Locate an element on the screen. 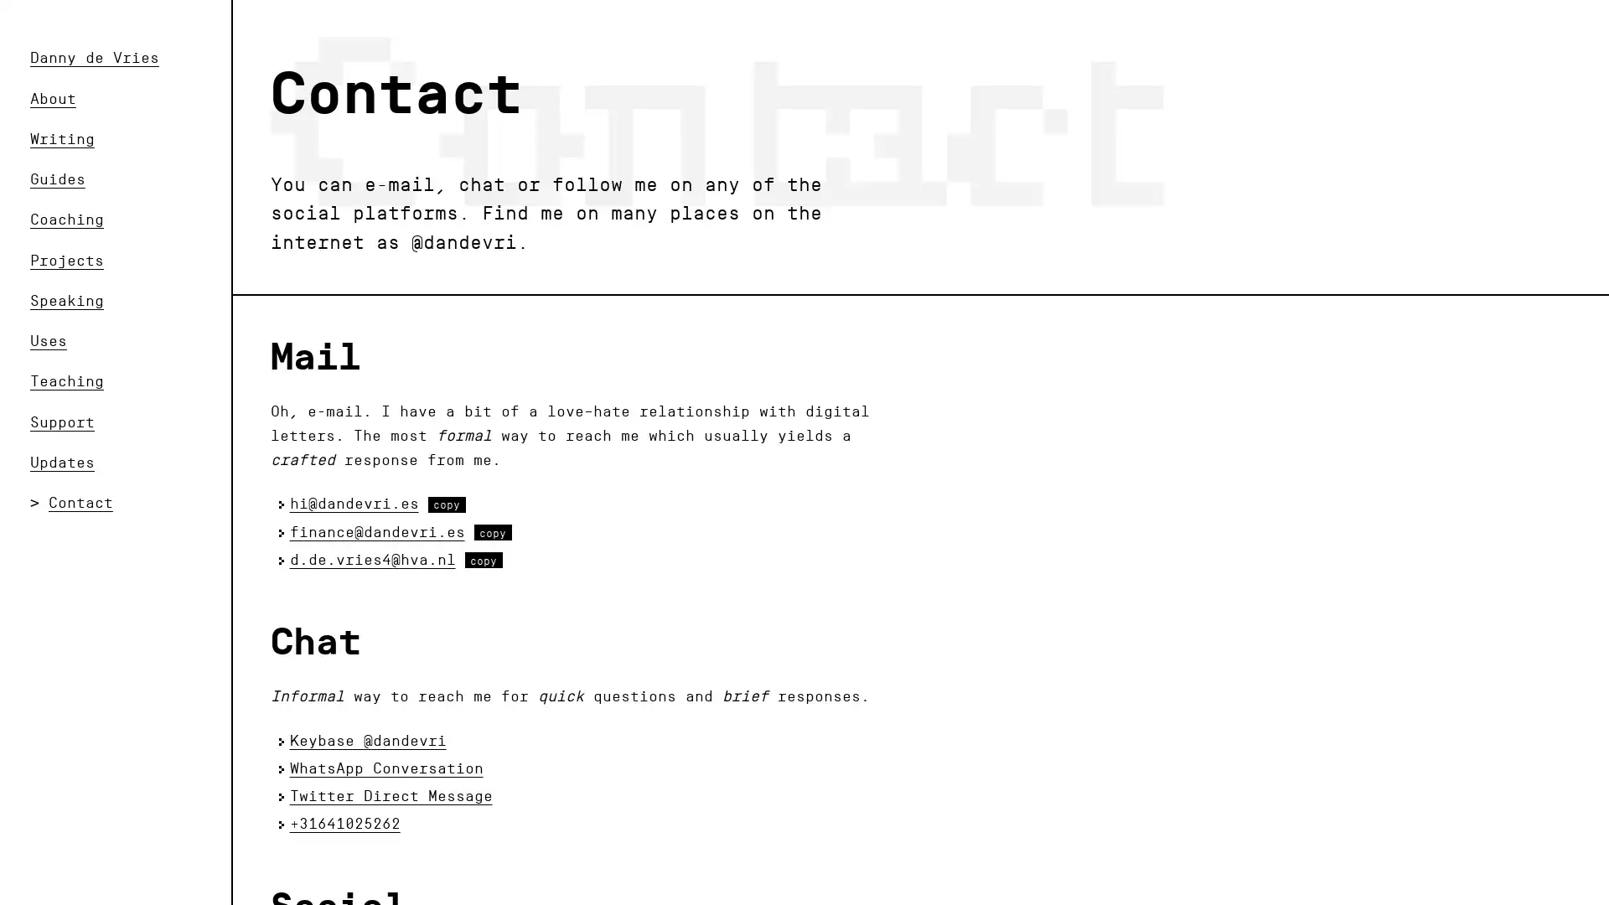 The width and height of the screenshot is (1609, 905). copy is located at coordinates (446, 503).